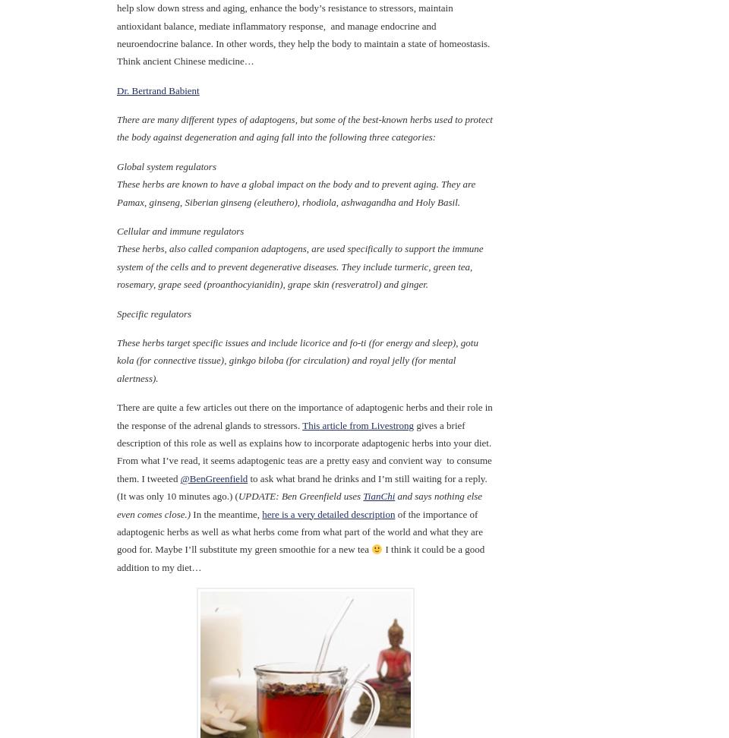  What do you see at coordinates (328, 512) in the screenshot?
I see `'here is a very detailed description'` at bounding box center [328, 512].